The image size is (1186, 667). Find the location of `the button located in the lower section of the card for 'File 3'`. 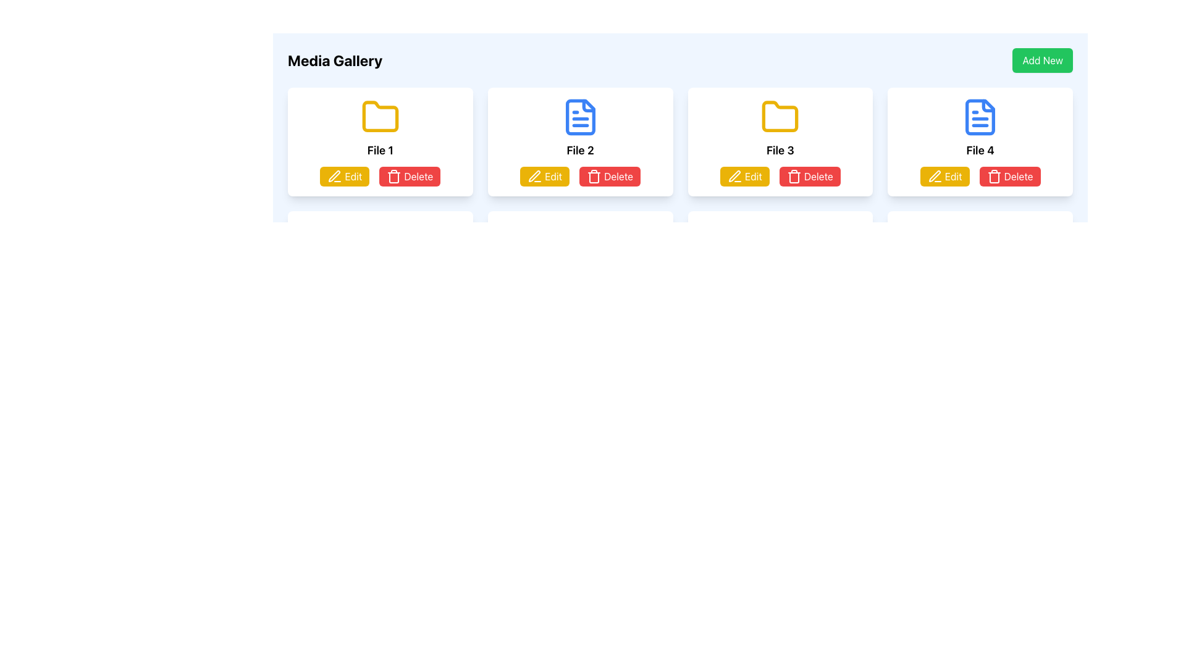

the button located in the lower section of the card for 'File 3' is located at coordinates (744, 176).